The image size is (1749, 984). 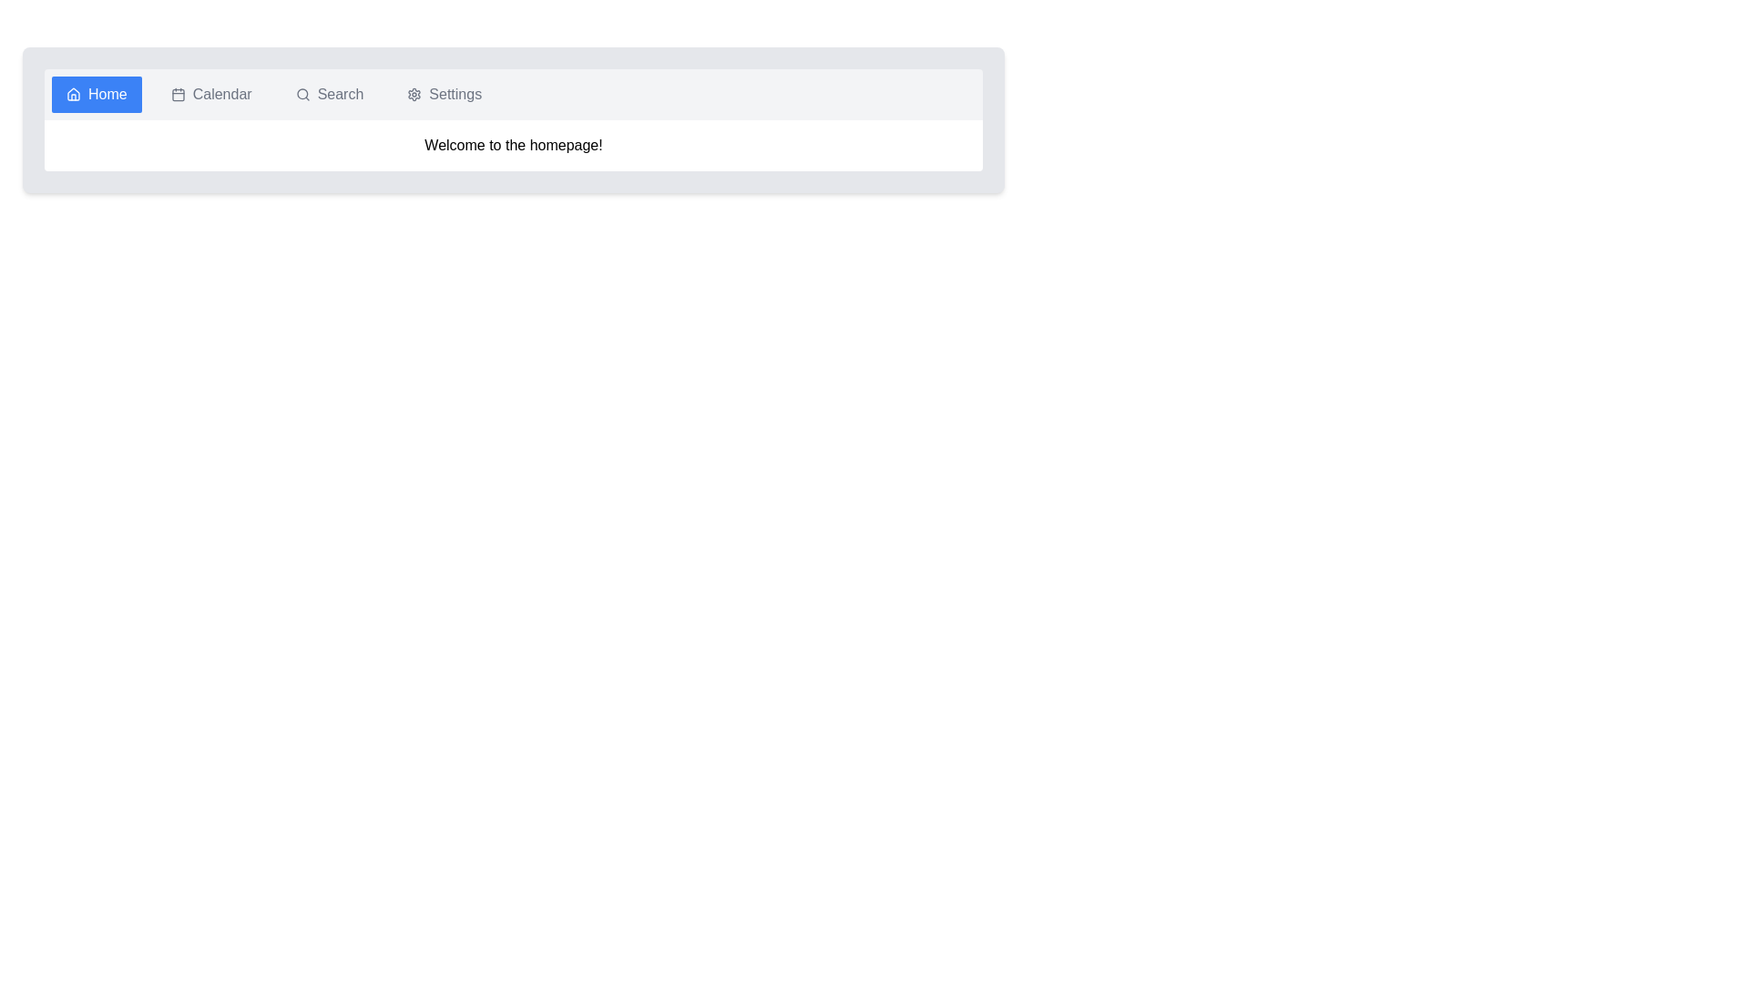 I want to click on text of the 'Calendar' label, which is the second item in the horizontal navigation menu and is displayed in a standard sans-serif font on a light background, so click(x=221, y=95).